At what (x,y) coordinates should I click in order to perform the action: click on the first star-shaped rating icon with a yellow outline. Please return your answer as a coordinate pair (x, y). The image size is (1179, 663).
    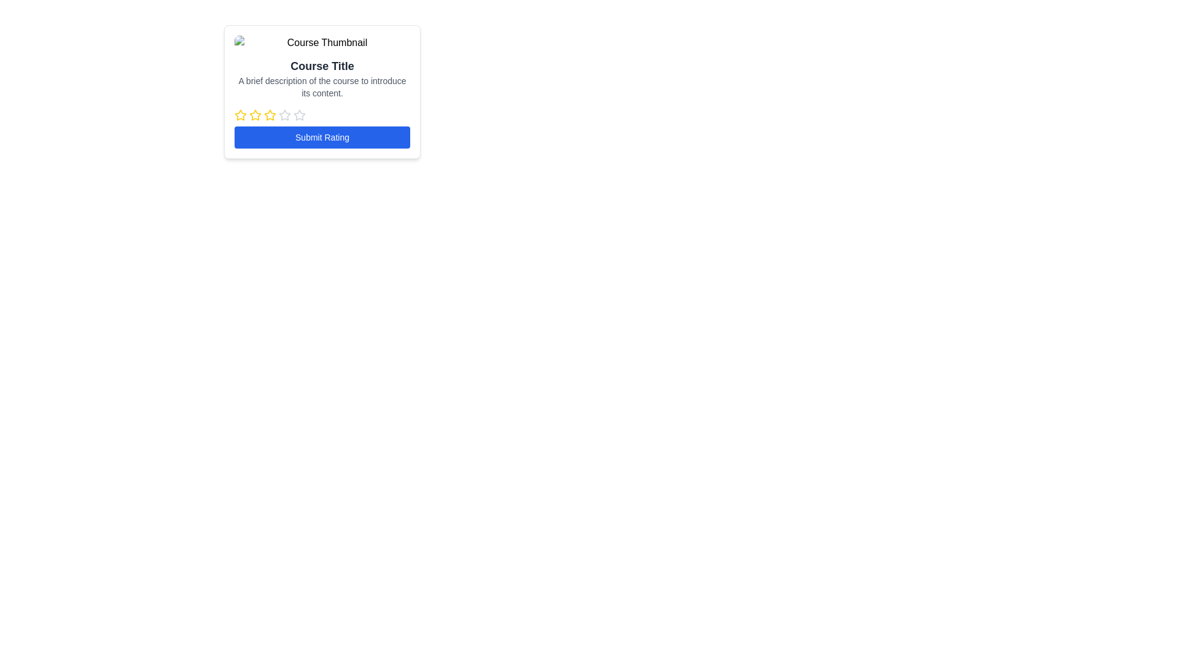
    Looking at the image, I should click on (241, 115).